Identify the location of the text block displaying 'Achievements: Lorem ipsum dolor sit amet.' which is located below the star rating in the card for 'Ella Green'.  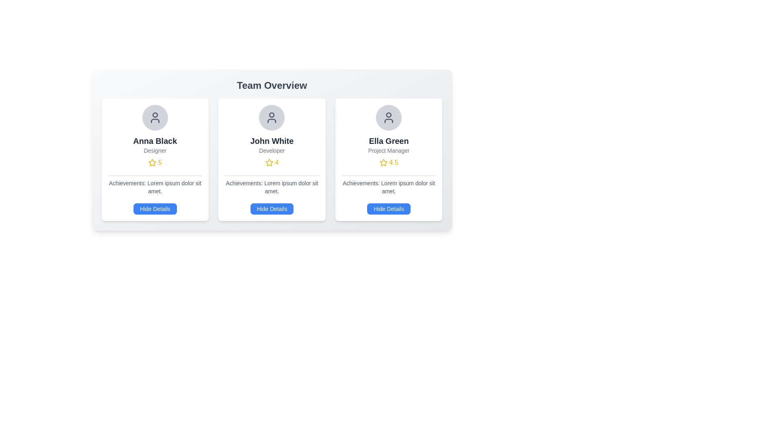
(389, 187).